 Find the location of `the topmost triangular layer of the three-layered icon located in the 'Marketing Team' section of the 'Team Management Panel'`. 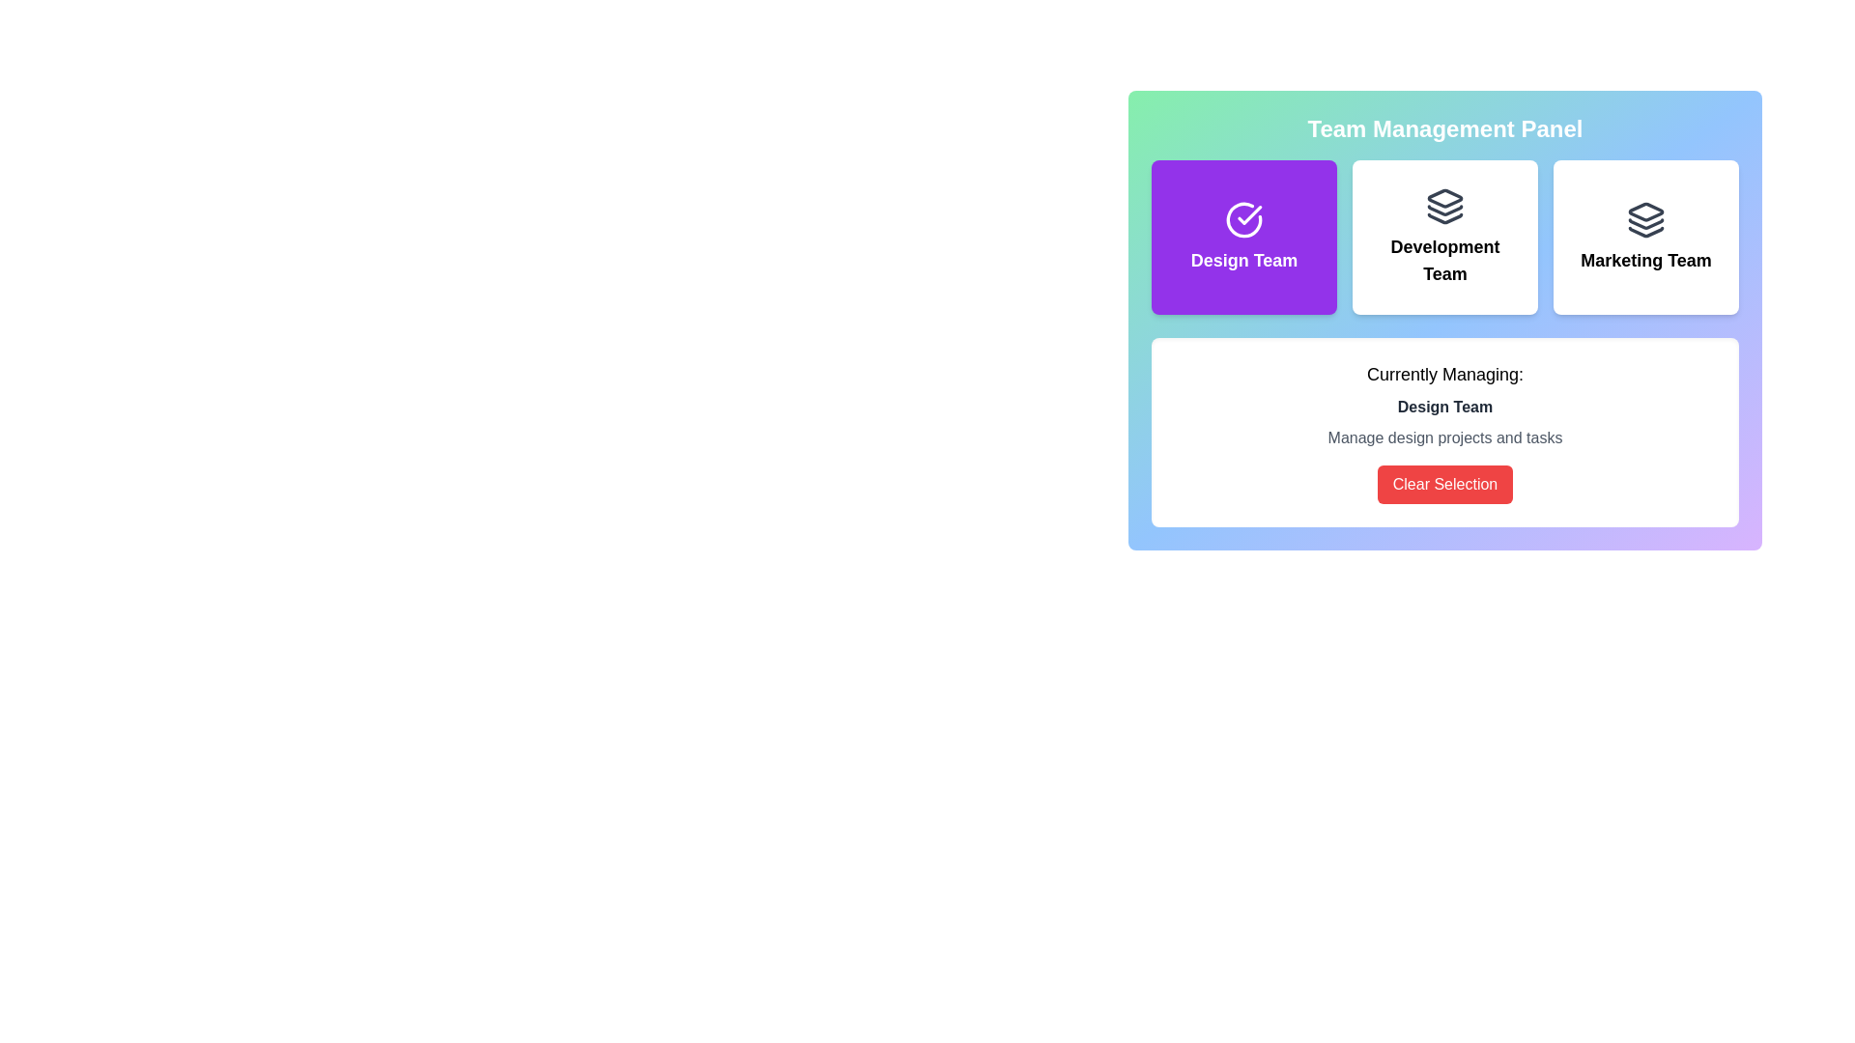

the topmost triangular layer of the three-layered icon located in the 'Marketing Team' section of the 'Team Management Panel' is located at coordinates (1645, 211).